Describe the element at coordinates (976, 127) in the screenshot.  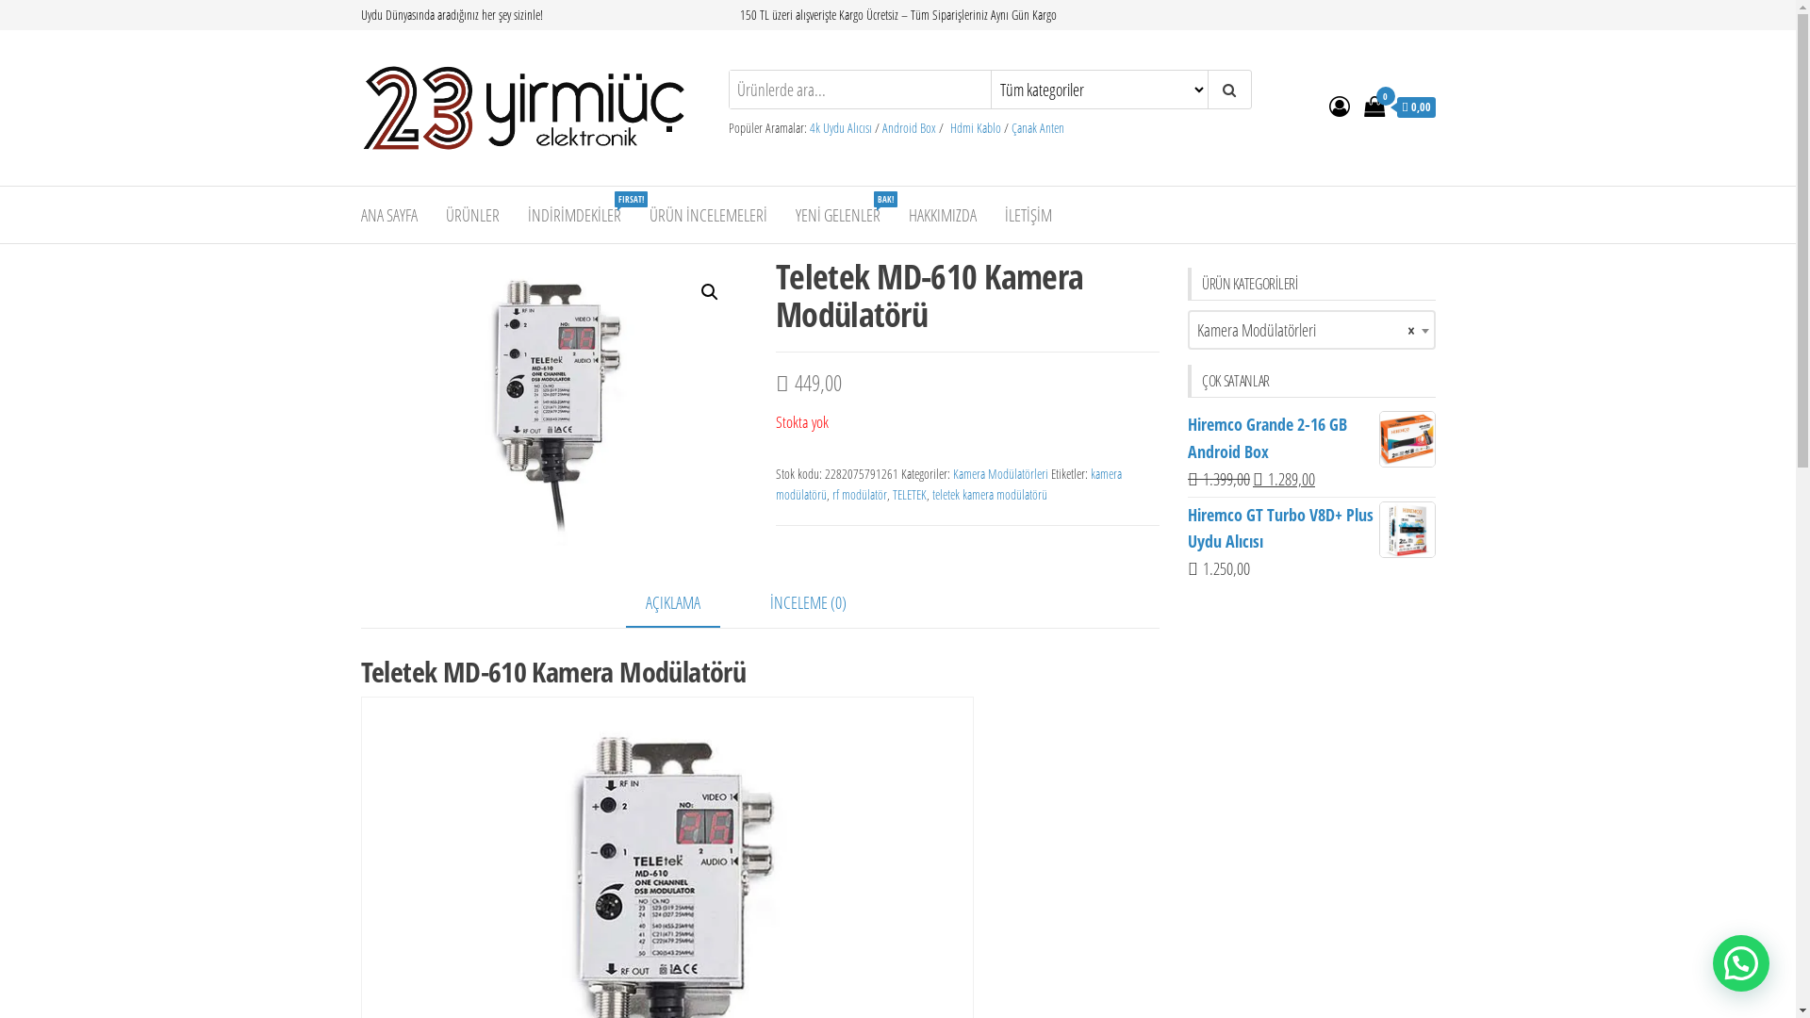
I see `'Hdmi Kablo'` at that location.